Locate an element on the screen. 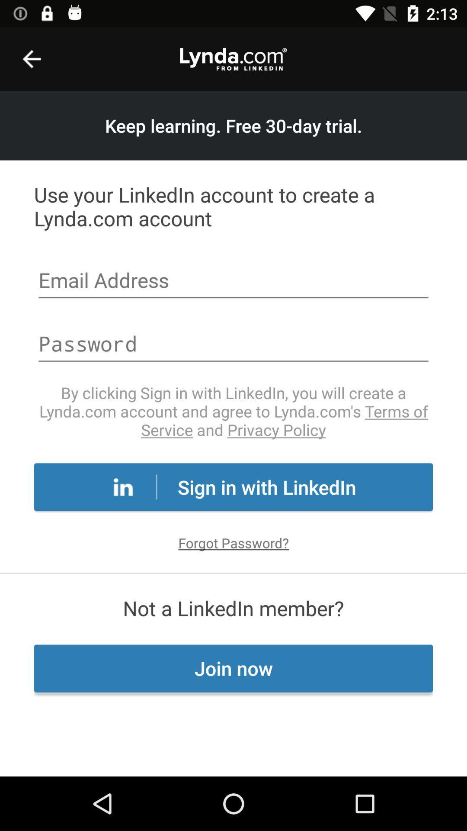 This screenshot has height=831, width=467. the item below the not a linkedin icon is located at coordinates (233, 668).